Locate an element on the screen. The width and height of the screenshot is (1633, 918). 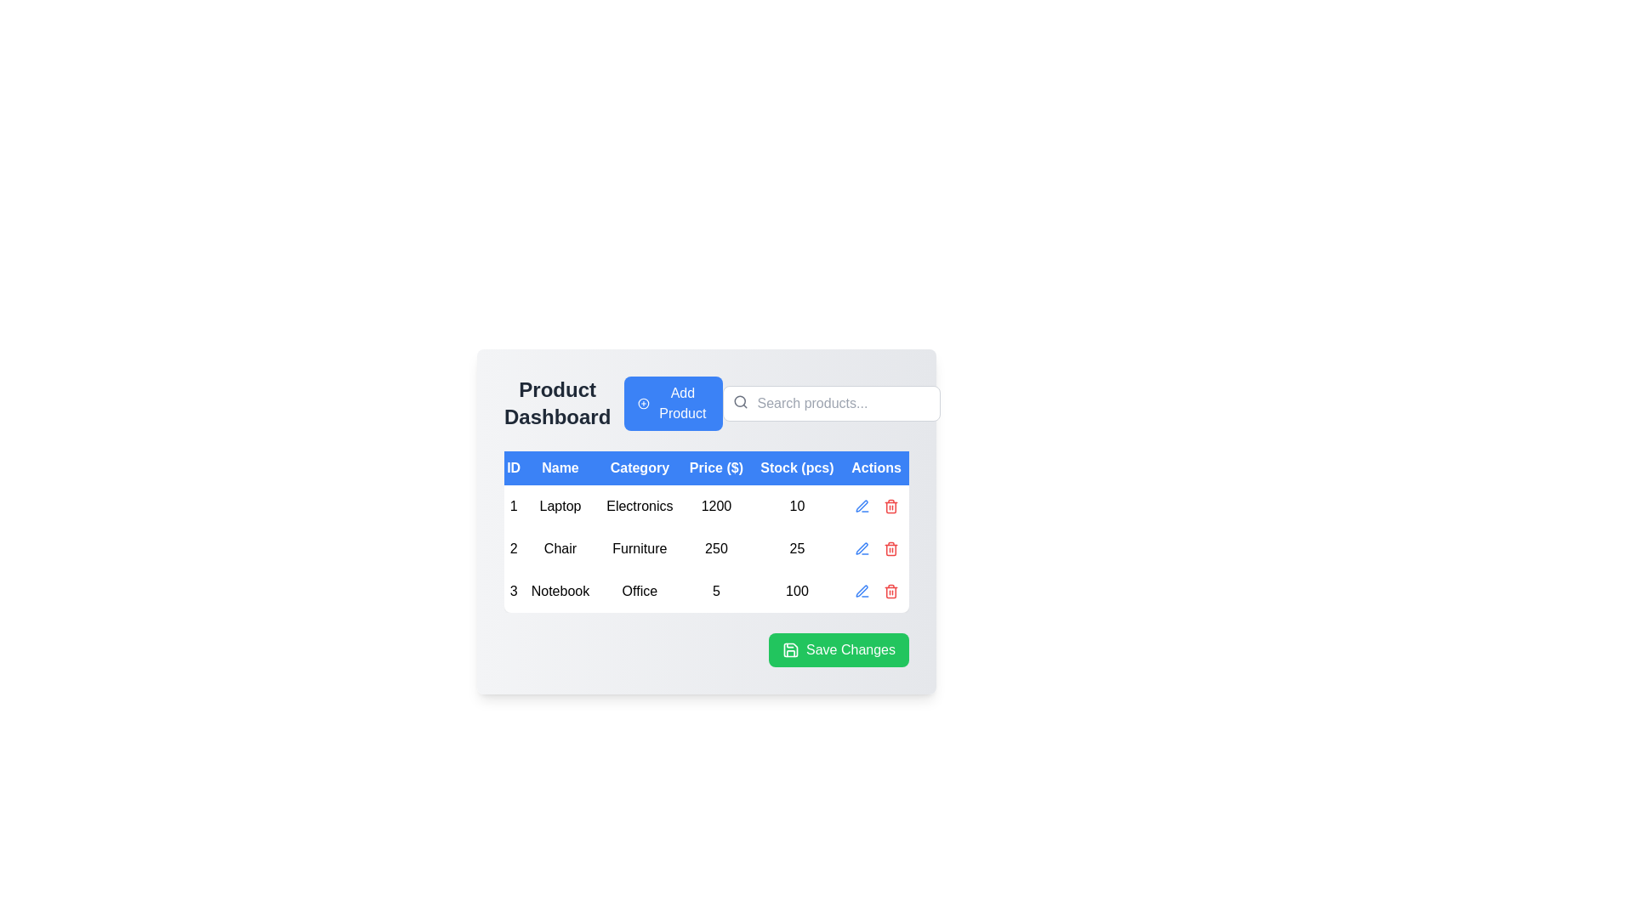
the first column entry of the first row in the table, which serves as an identifier for the associated row's position is located at coordinates (513, 506).